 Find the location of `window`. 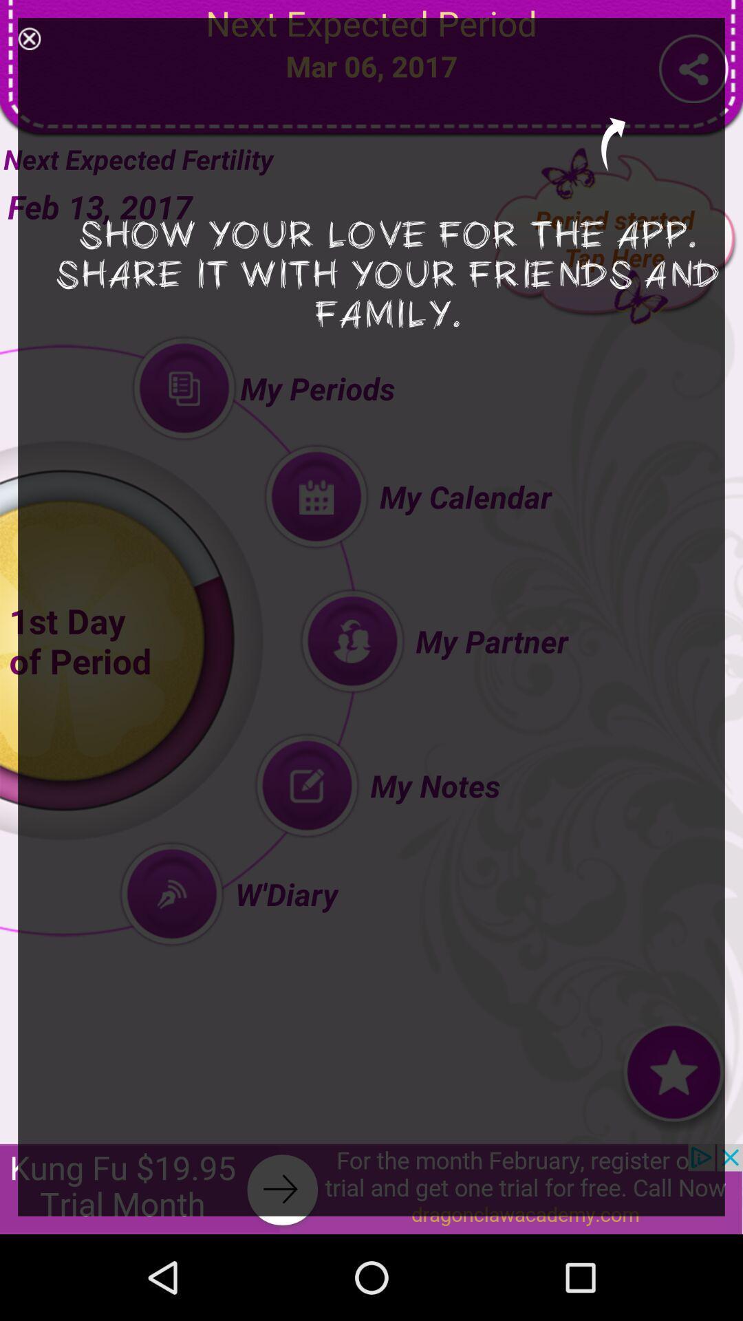

window is located at coordinates (29, 39).